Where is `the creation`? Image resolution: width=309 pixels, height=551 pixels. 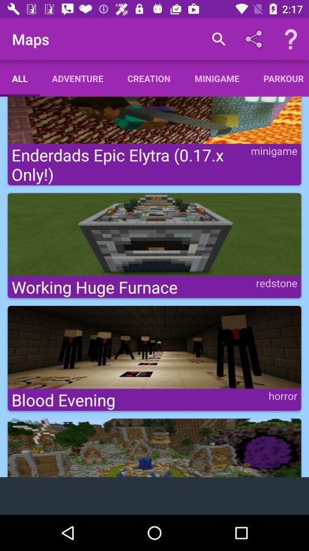
the creation is located at coordinates (149, 77).